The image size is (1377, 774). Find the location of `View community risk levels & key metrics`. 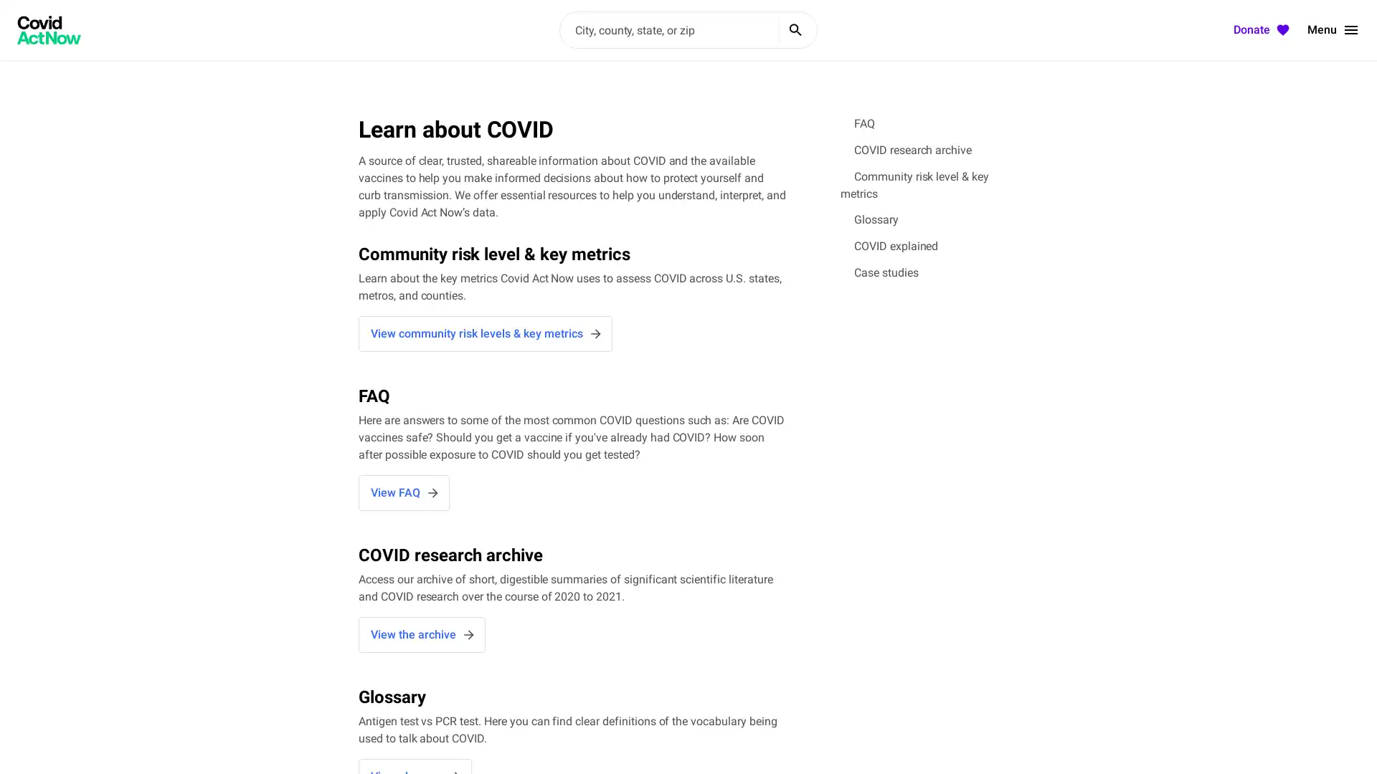

View community risk levels & key metrics is located at coordinates (485, 334).